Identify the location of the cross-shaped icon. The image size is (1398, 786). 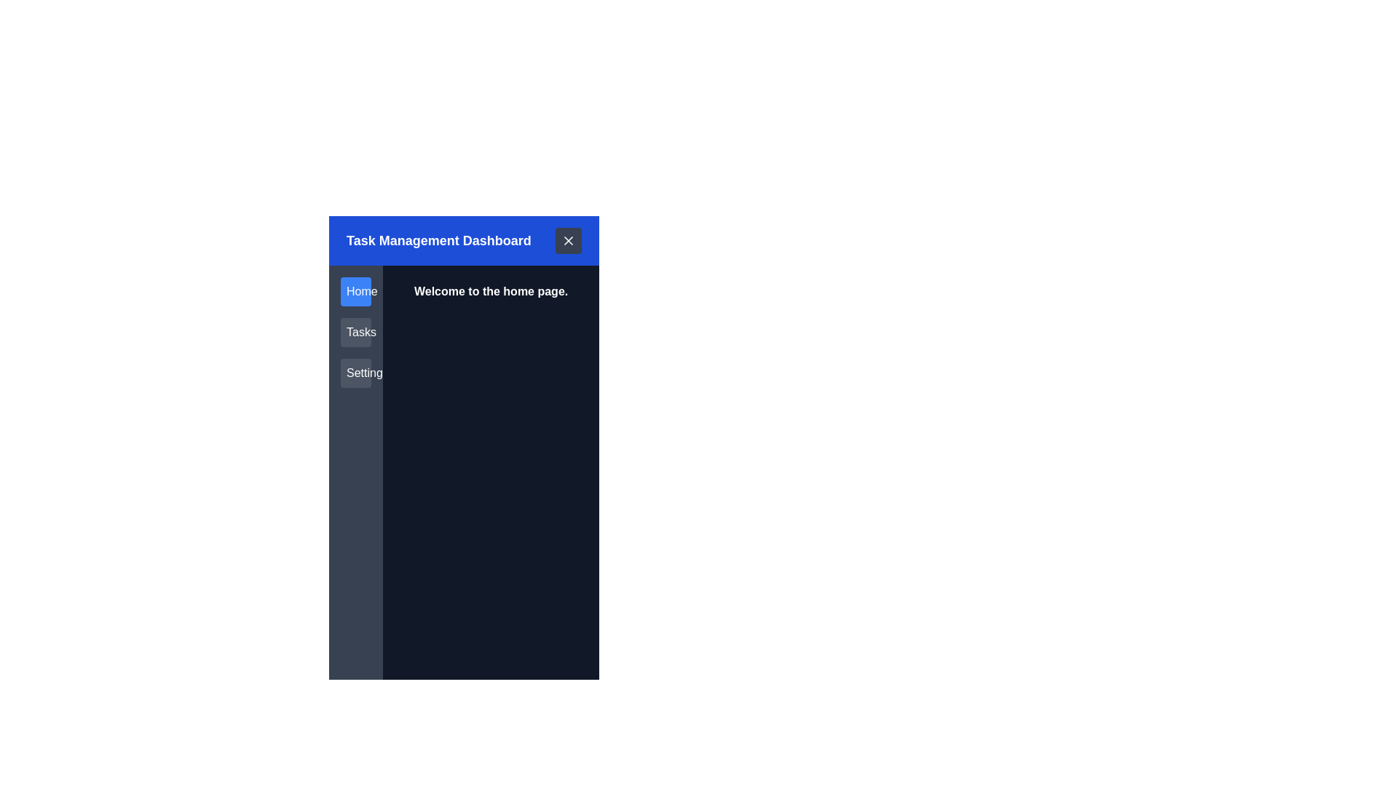
(568, 240).